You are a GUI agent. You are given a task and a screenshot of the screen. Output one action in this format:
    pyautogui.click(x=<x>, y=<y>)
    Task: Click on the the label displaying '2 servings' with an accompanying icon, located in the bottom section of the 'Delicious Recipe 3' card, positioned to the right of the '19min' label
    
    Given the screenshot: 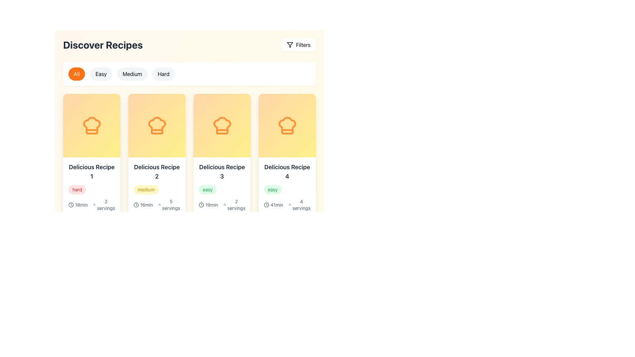 What is the action you would take?
    pyautogui.click(x=234, y=205)
    